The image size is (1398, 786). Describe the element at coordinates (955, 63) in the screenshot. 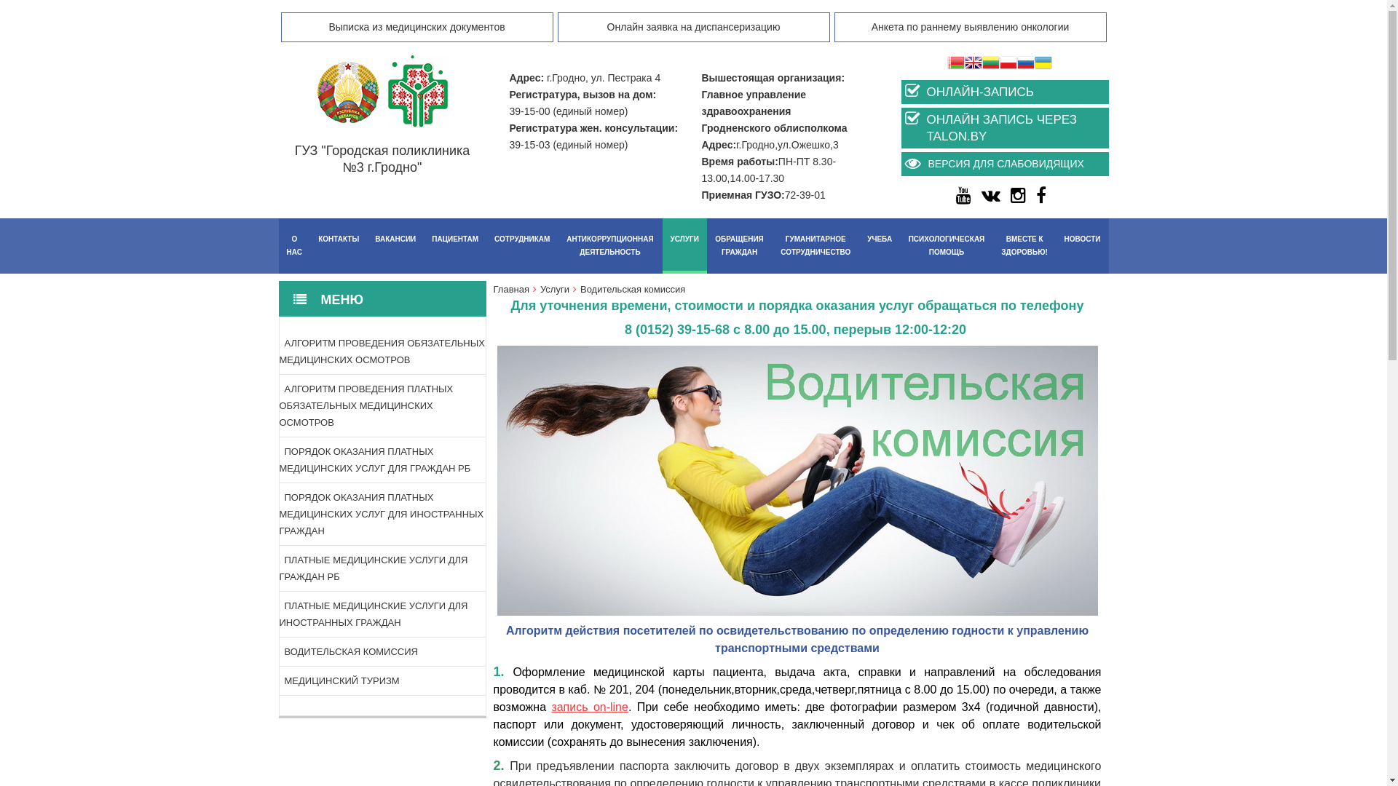

I see `'Belarusian'` at that location.